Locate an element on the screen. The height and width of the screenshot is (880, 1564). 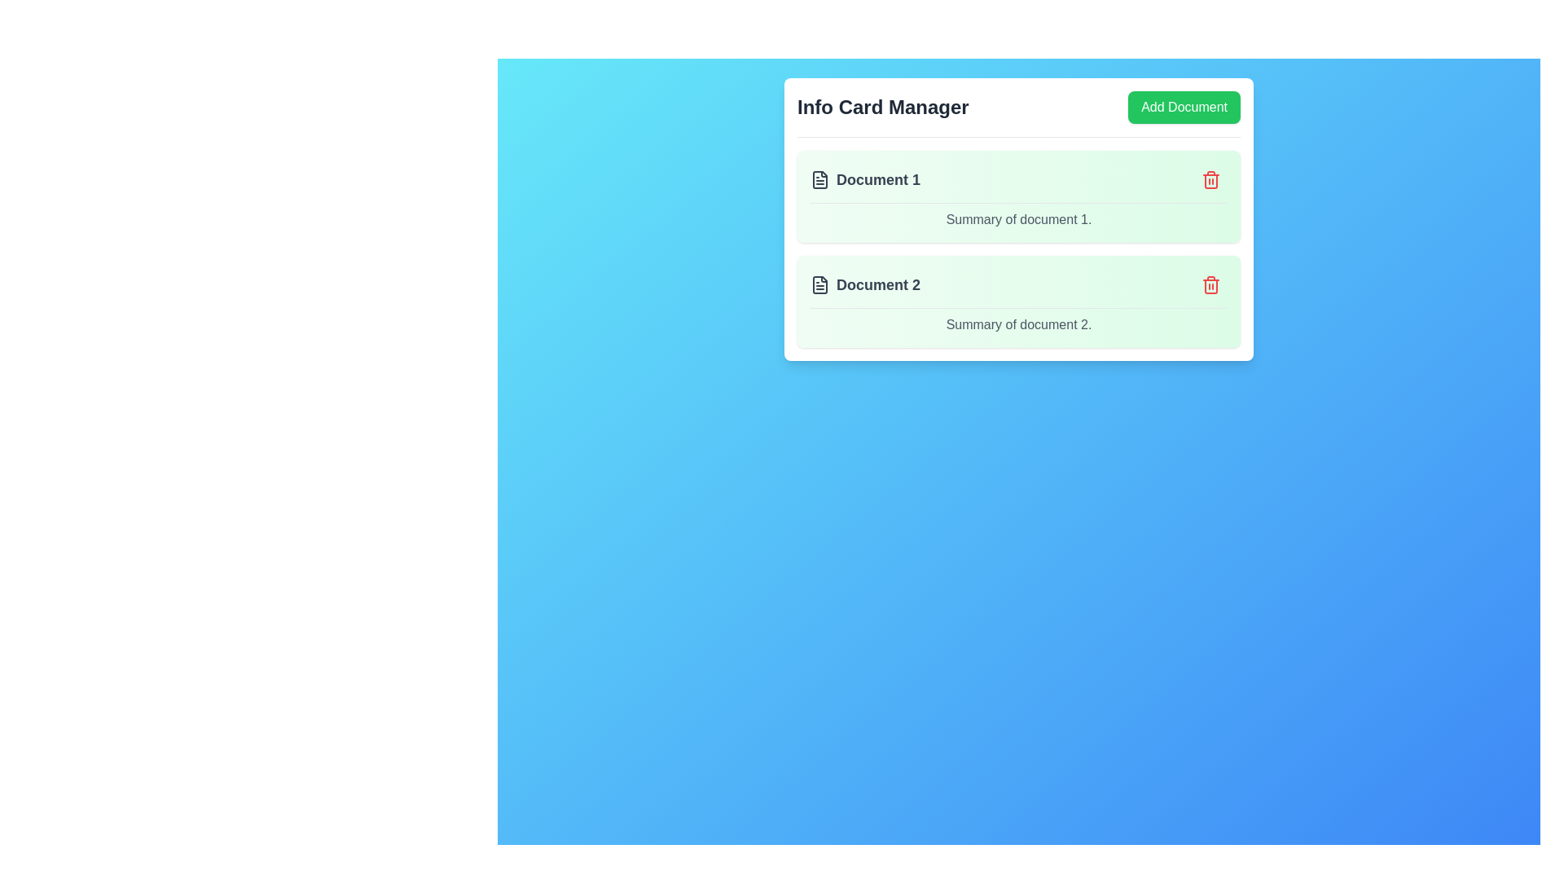
the Label with Icon that indicates the title of the document, positioned at the top of the first card in a vertical list is located at coordinates (864, 179).